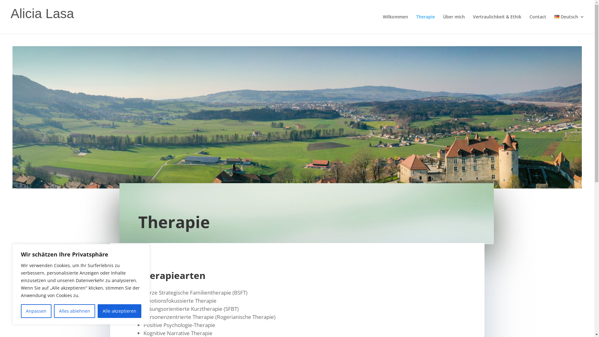 The image size is (599, 337). Describe the element at coordinates (537, 24) in the screenshot. I see `'Contact'` at that location.